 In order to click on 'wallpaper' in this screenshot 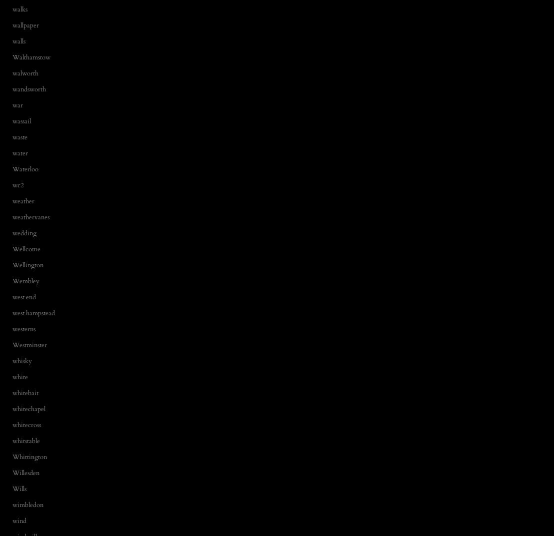, I will do `click(25, 24)`.